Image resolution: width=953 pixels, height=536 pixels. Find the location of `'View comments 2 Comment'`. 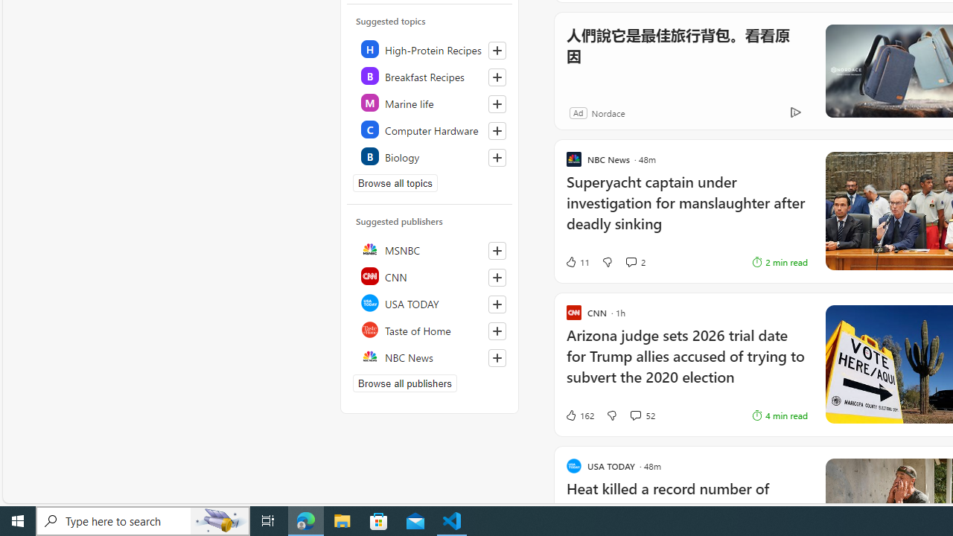

'View comments 2 Comment' is located at coordinates (631, 261).